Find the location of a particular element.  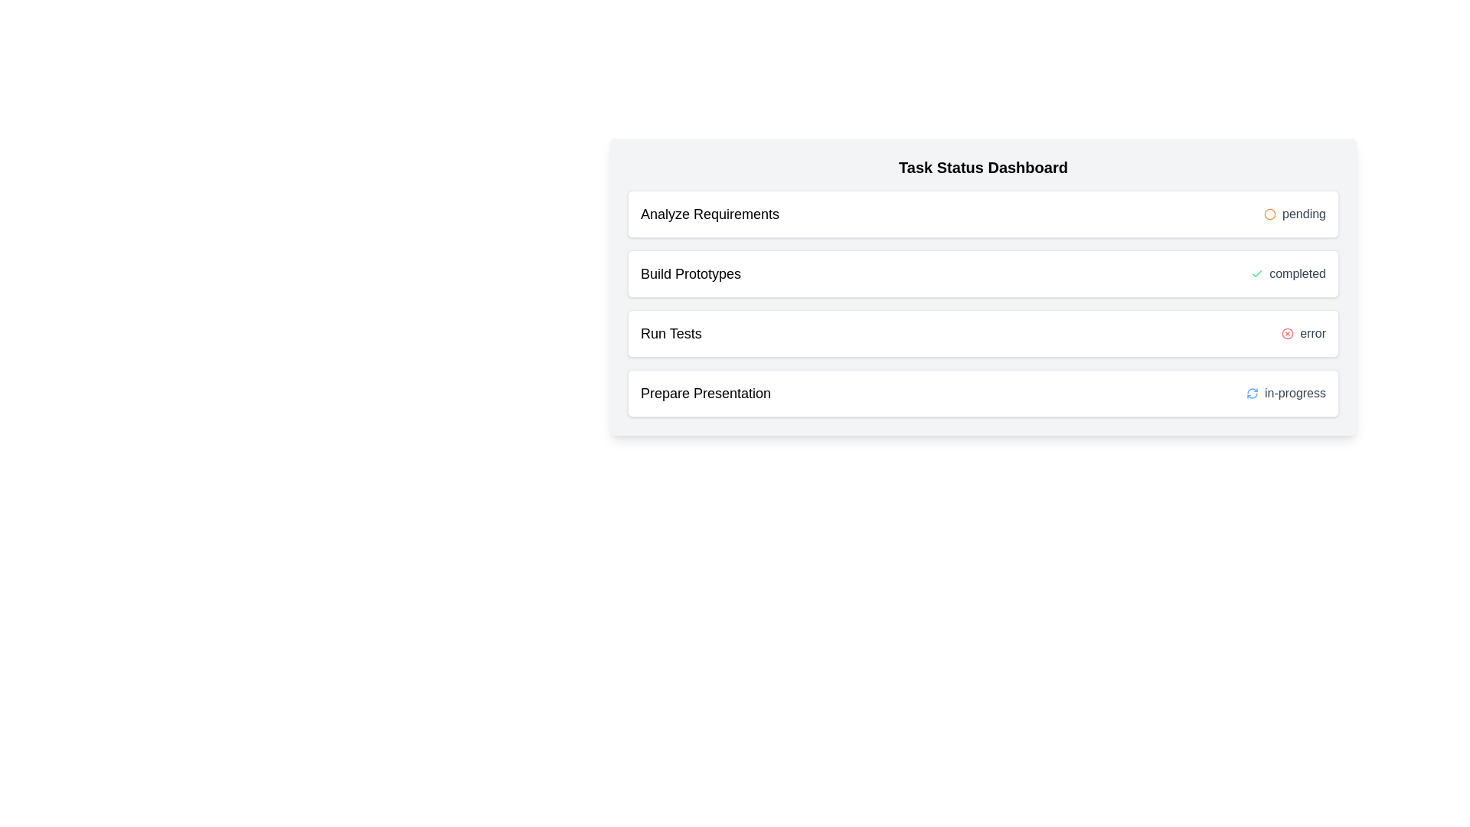

small circular red outlined icon with an 'x' symbol, positioned to the left of the 'error' text in the third row of the task status dashboard, representing the 'Run Tests' task is located at coordinates (1287, 332).